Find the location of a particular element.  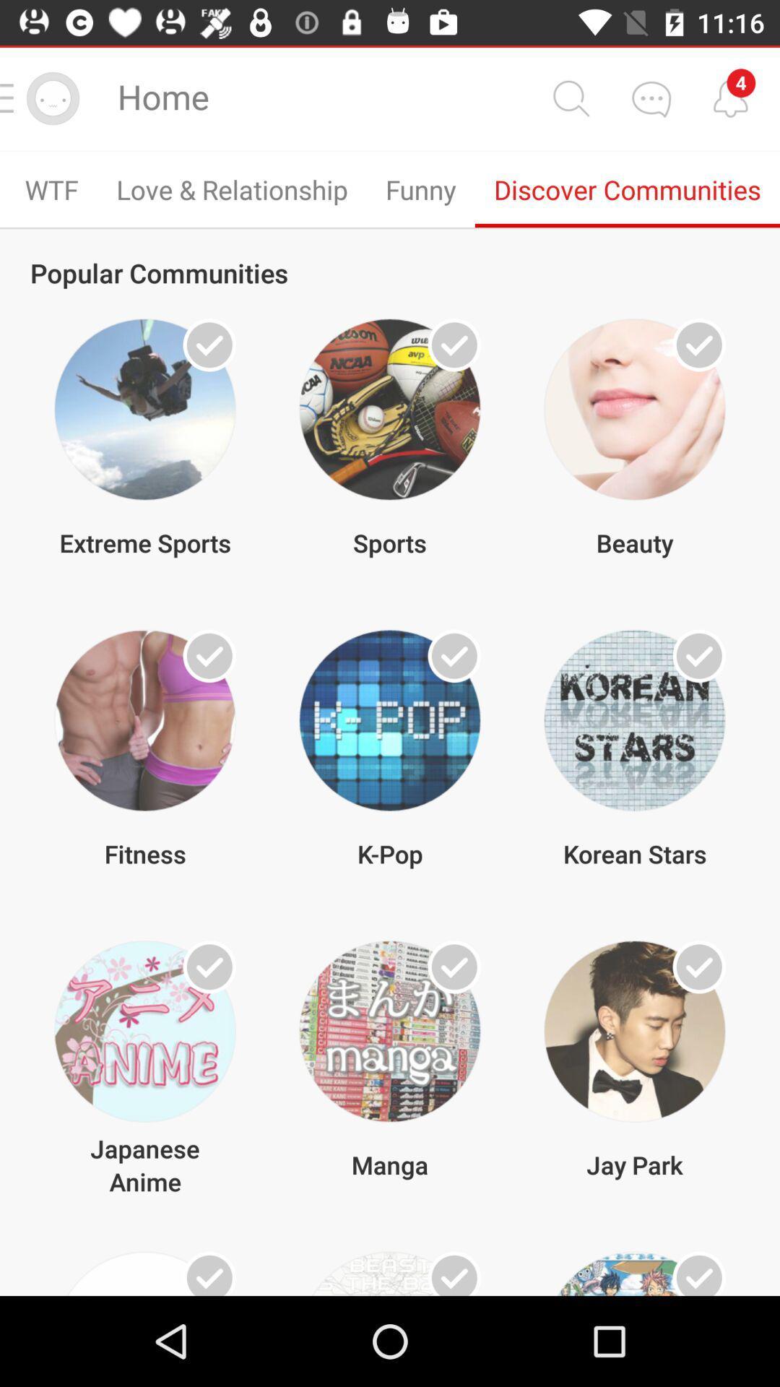

favorite is located at coordinates (698, 344).